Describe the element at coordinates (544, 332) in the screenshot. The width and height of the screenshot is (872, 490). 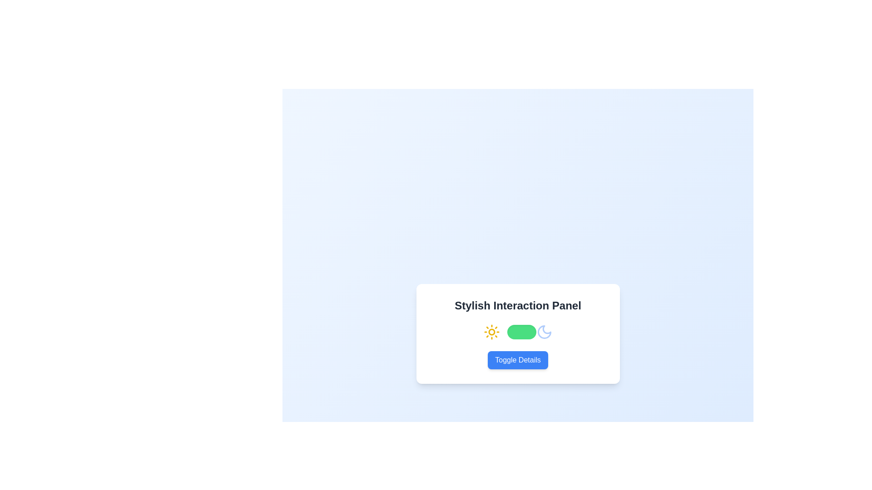
I see `the light blue crescent moon icon located at the rightmost side of the interactive panel` at that location.